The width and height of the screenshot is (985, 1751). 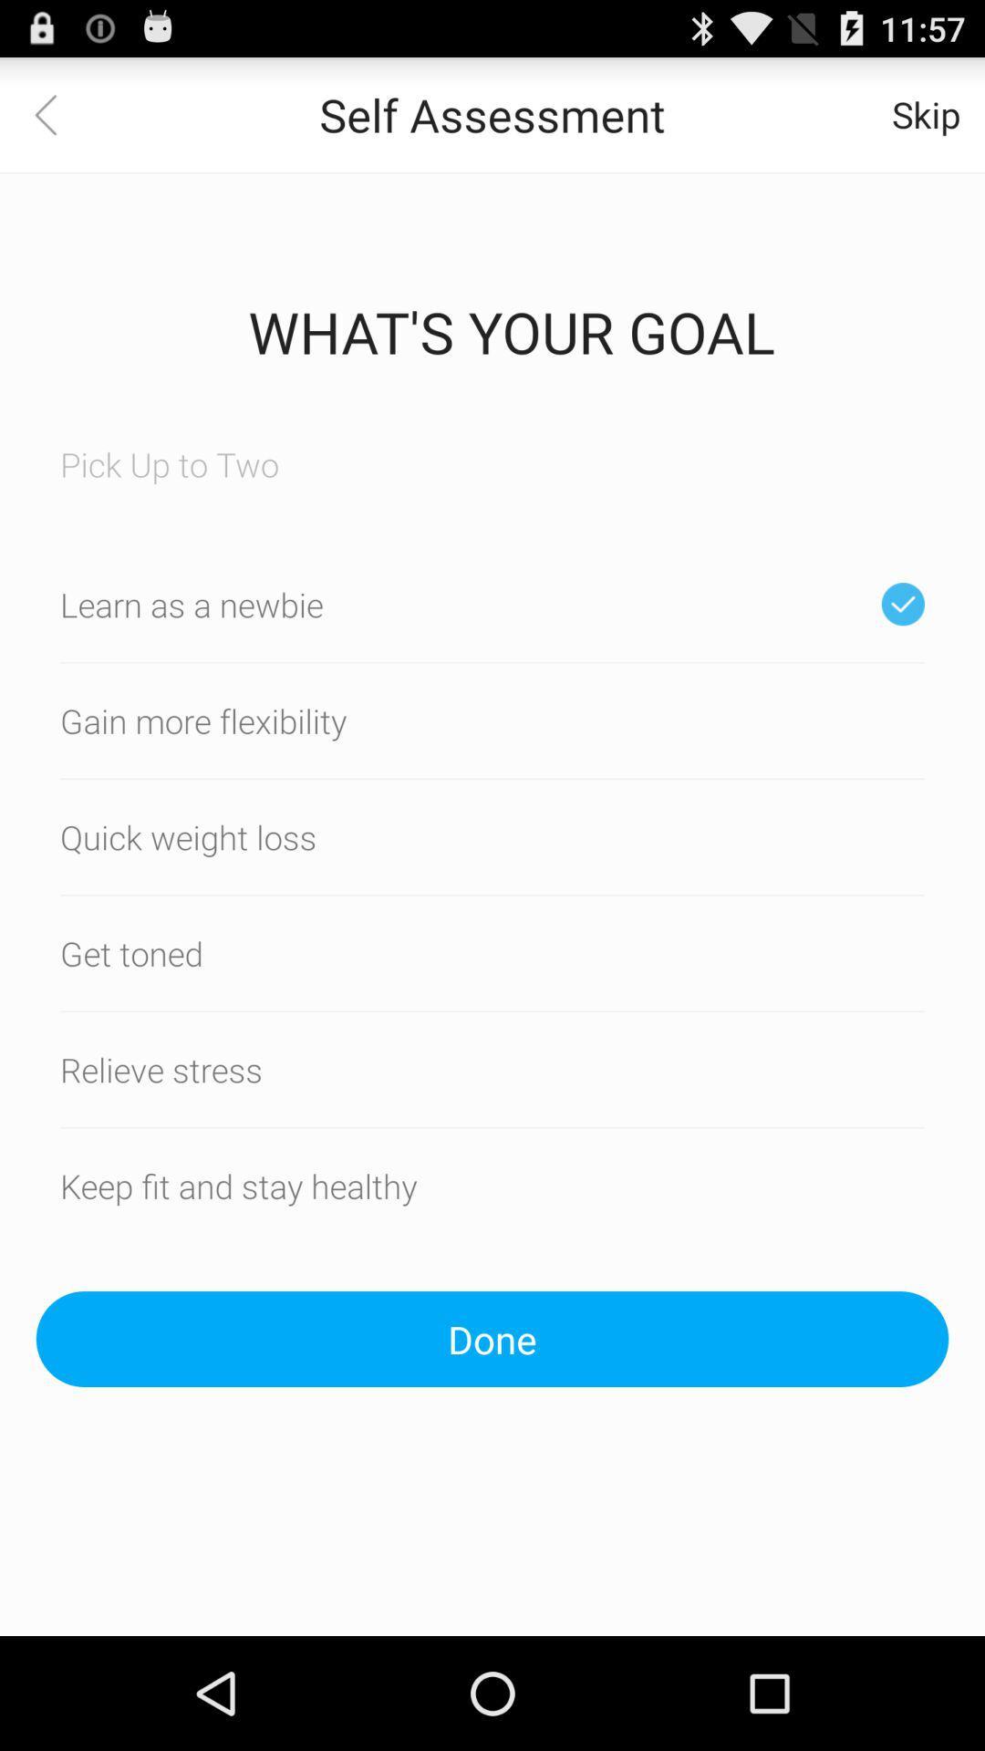 I want to click on icon next to the self assessment, so click(x=926, y=113).